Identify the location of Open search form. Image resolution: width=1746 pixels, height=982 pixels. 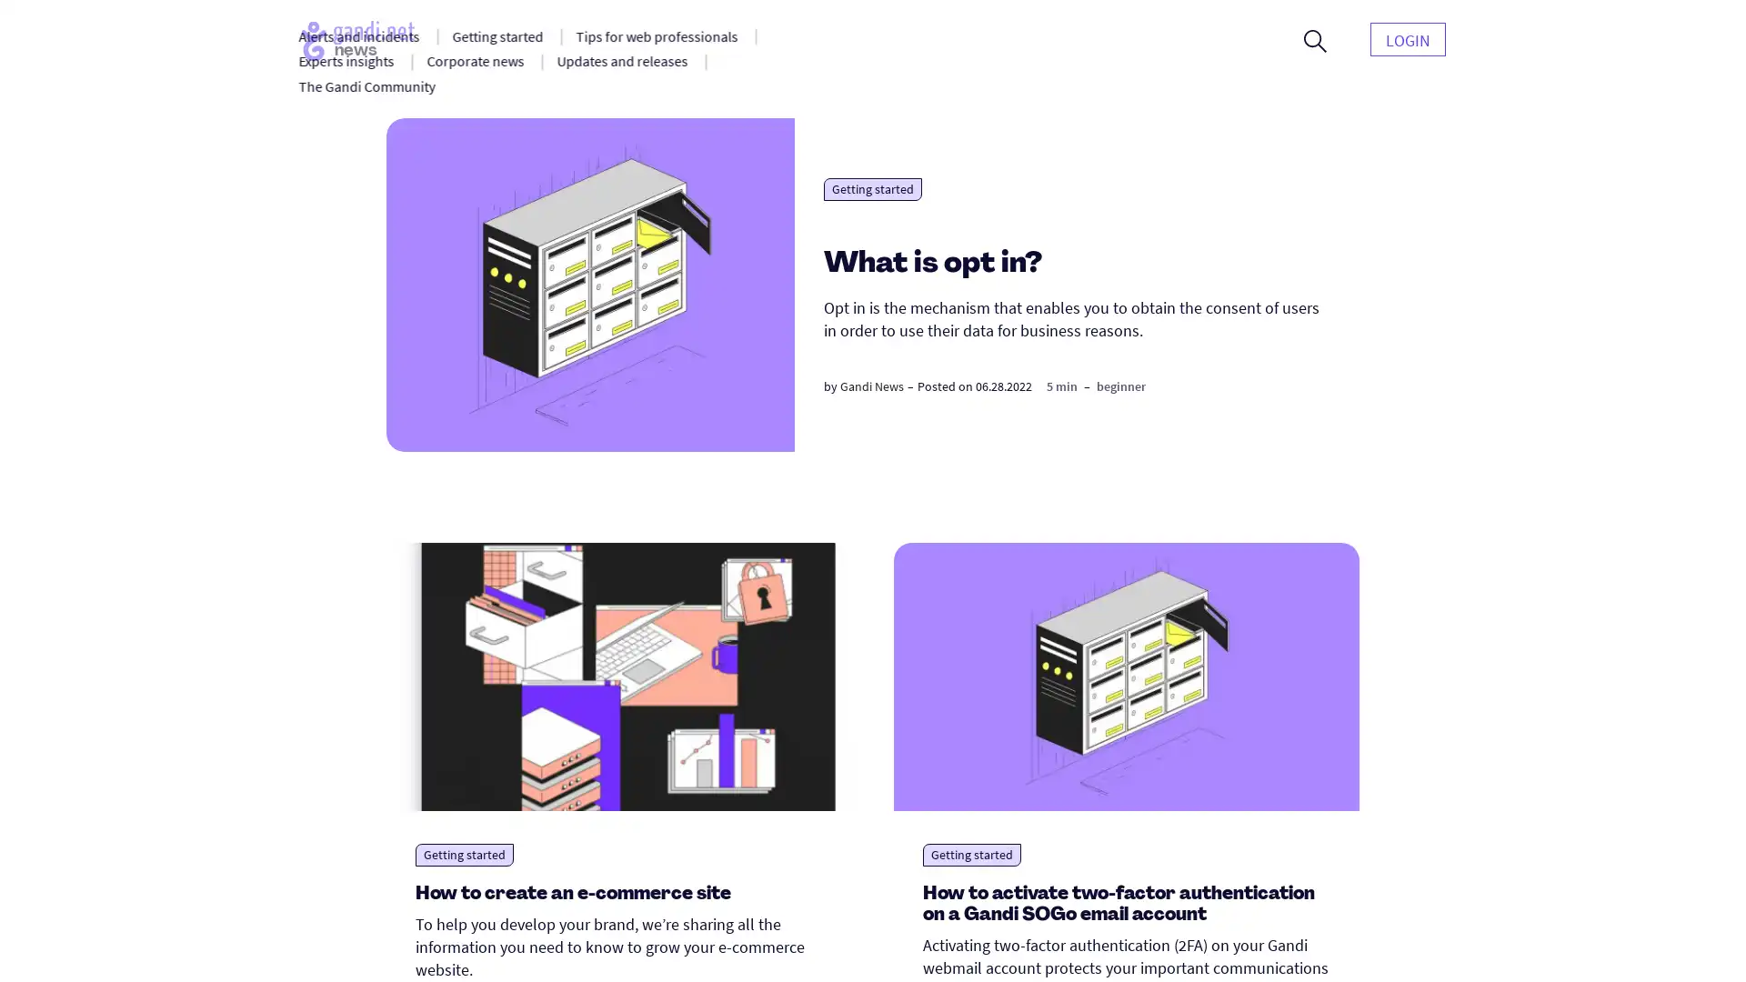
(1315, 41).